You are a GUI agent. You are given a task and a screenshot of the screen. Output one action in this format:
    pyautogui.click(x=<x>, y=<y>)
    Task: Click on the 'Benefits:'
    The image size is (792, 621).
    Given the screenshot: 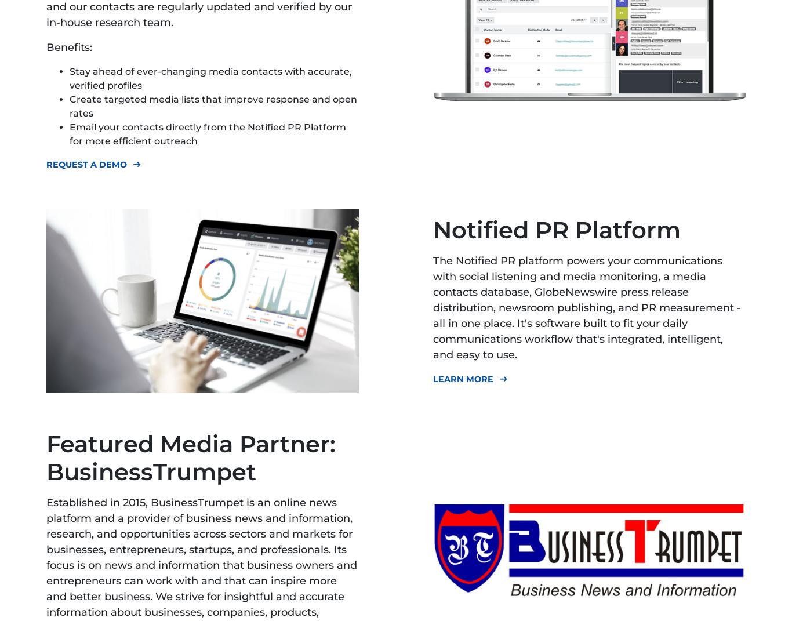 What is the action you would take?
    pyautogui.click(x=68, y=48)
    